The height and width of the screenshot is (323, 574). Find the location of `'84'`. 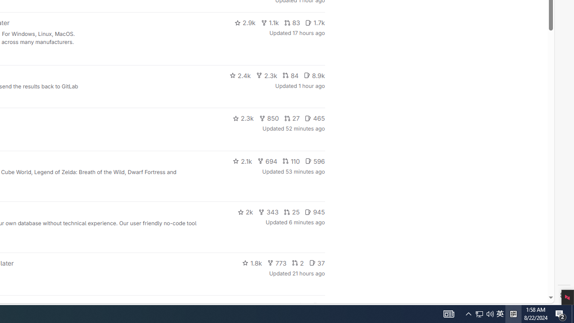

'84' is located at coordinates (290, 75).